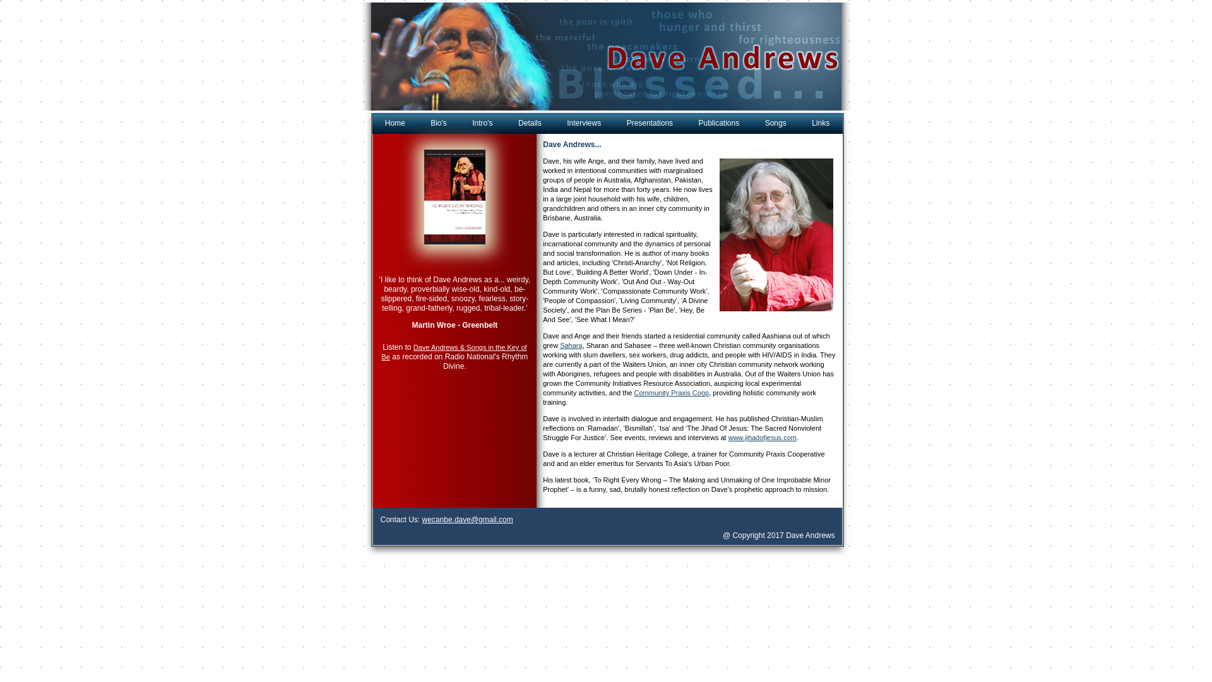  What do you see at coordinates (430, 123) in the screenshot?
I see `'Bio's'` at bounding box center [430, 123].